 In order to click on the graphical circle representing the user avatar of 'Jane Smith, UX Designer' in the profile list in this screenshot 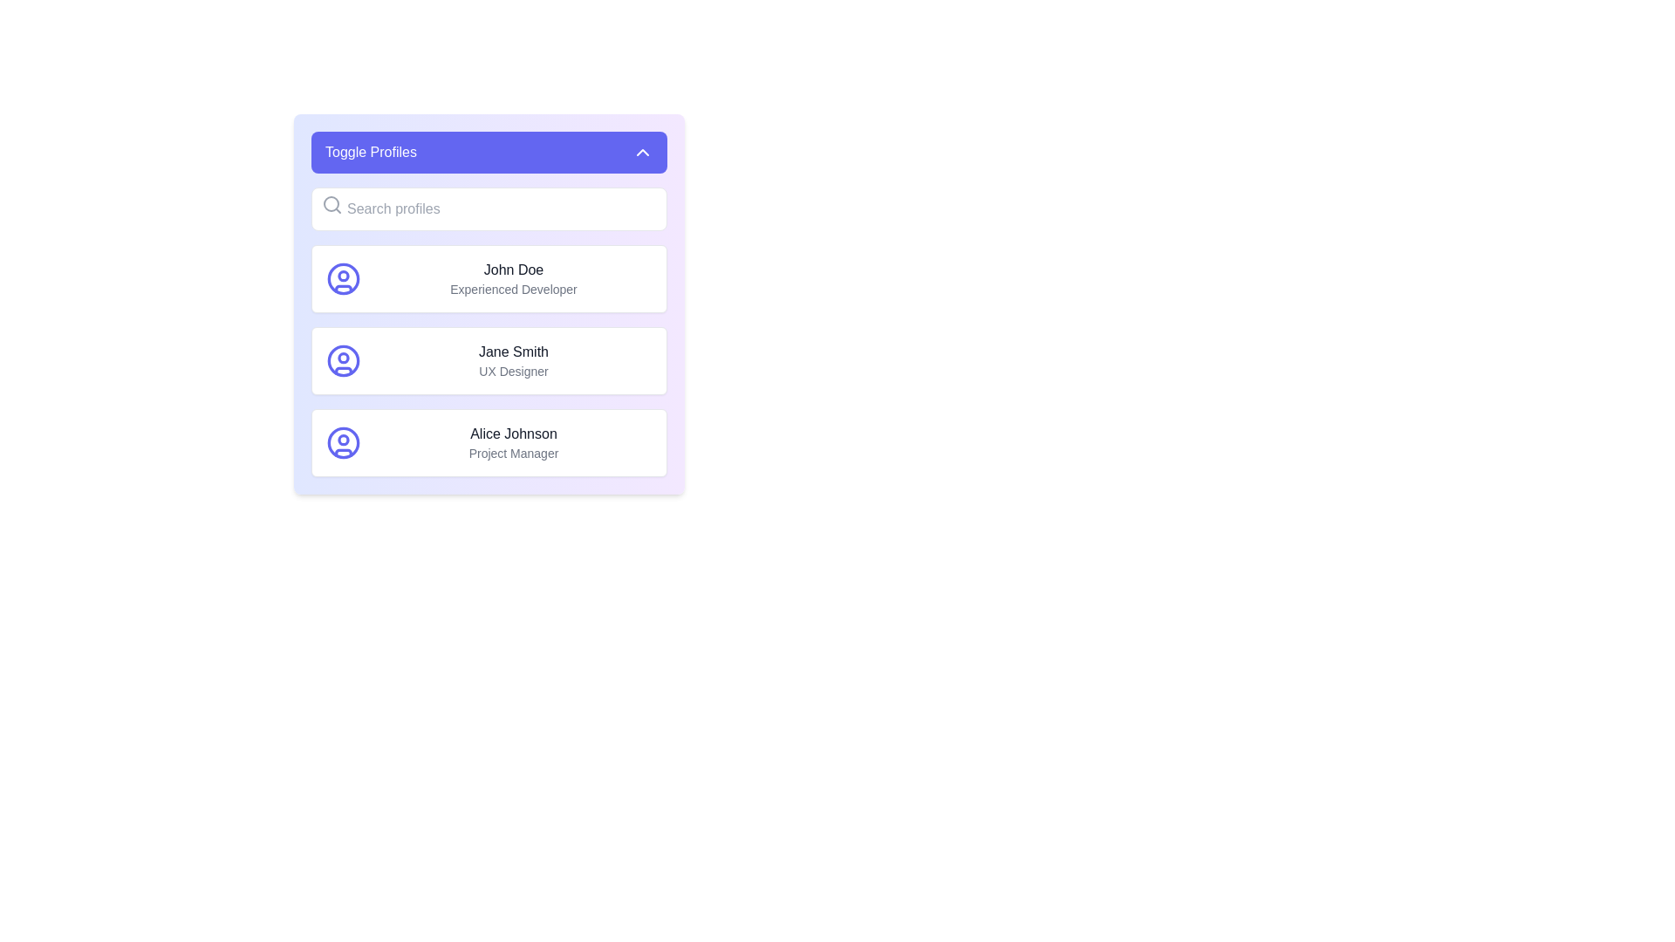, I will do `click(343, 359)`.